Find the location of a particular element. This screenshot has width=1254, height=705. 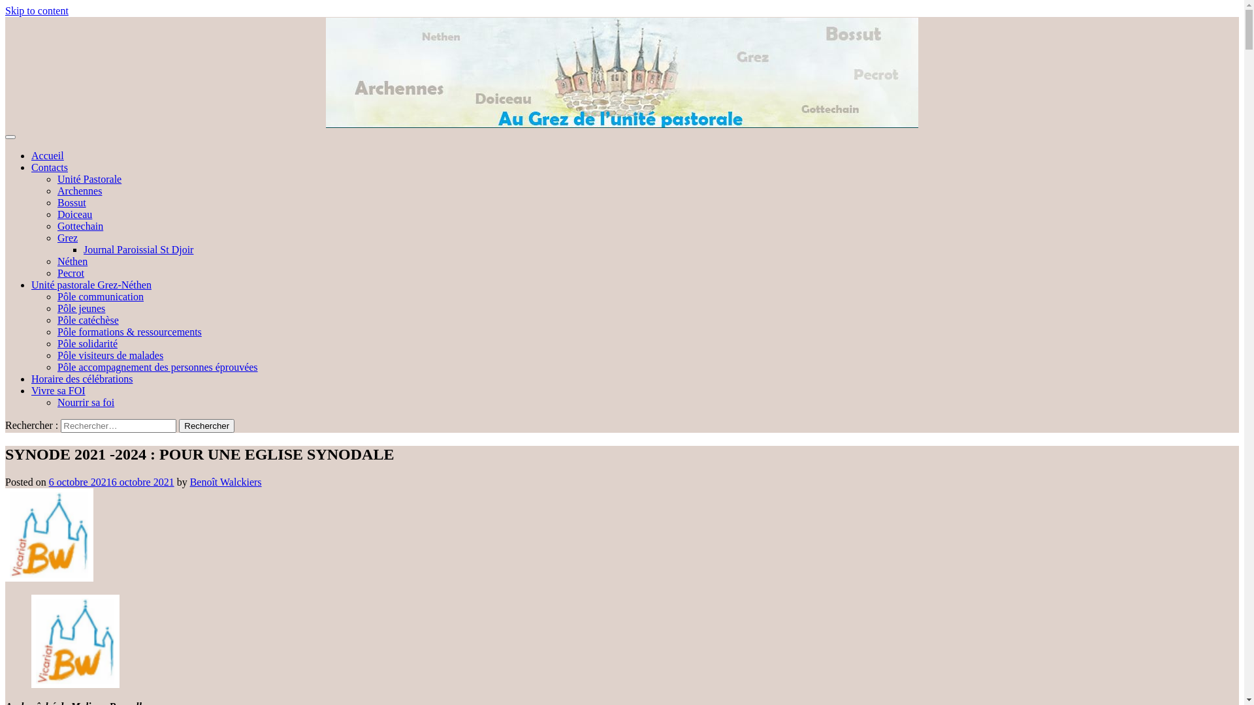

'Nourrir sa foi' is located at coordinates (85, 401).